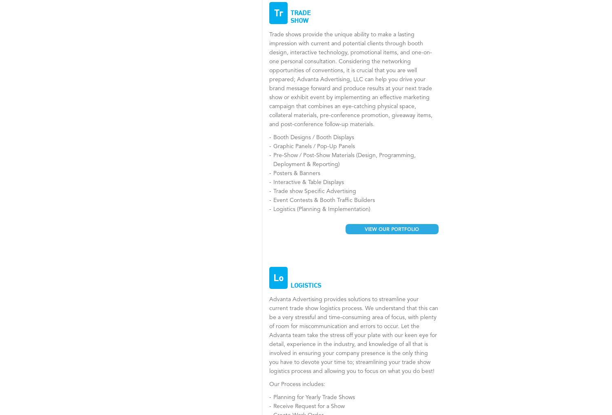 Image resolution: width=612 pixels, height=415 pixels. Describe the element at coordinates (324, 200) in the screenshot. I see `'Event Contests & Booth Traffic Builders'` at that location.